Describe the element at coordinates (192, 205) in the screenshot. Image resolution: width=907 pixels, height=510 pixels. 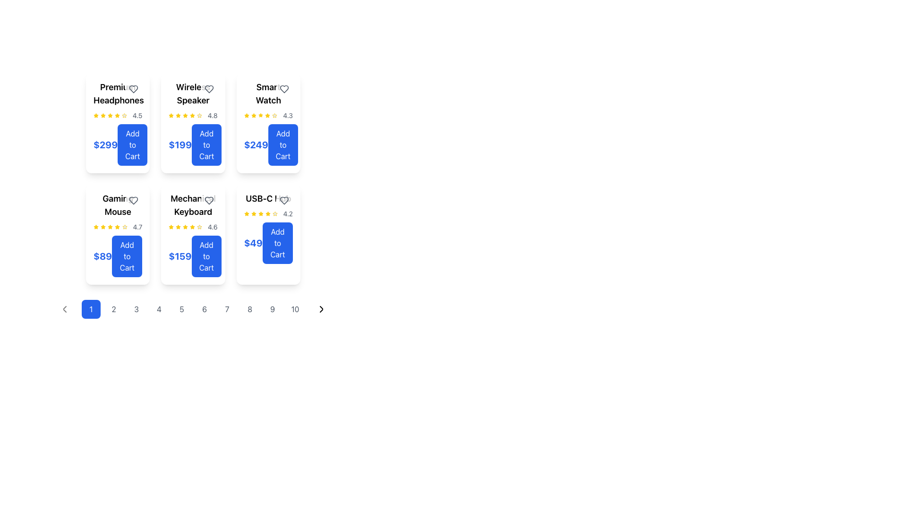
I see `title 'Mechanical Keyboard' displayed in bold font at the upper center of the product card, which is the first visible element above the rating and price information` at that location.